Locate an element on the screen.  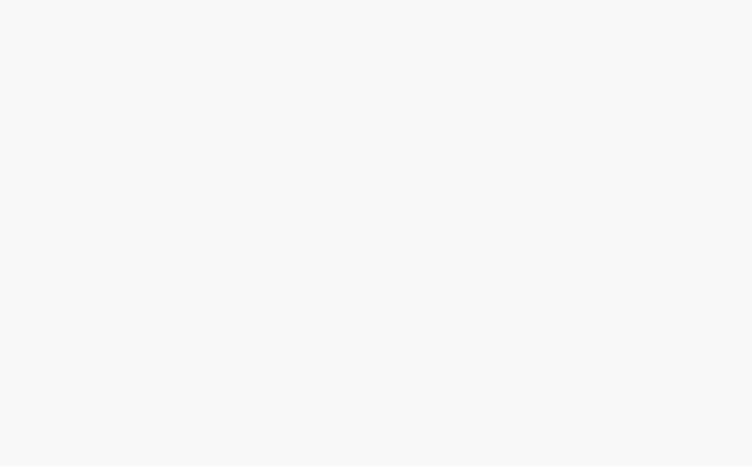
'Goodreads' is located at coordinates (318, 184).